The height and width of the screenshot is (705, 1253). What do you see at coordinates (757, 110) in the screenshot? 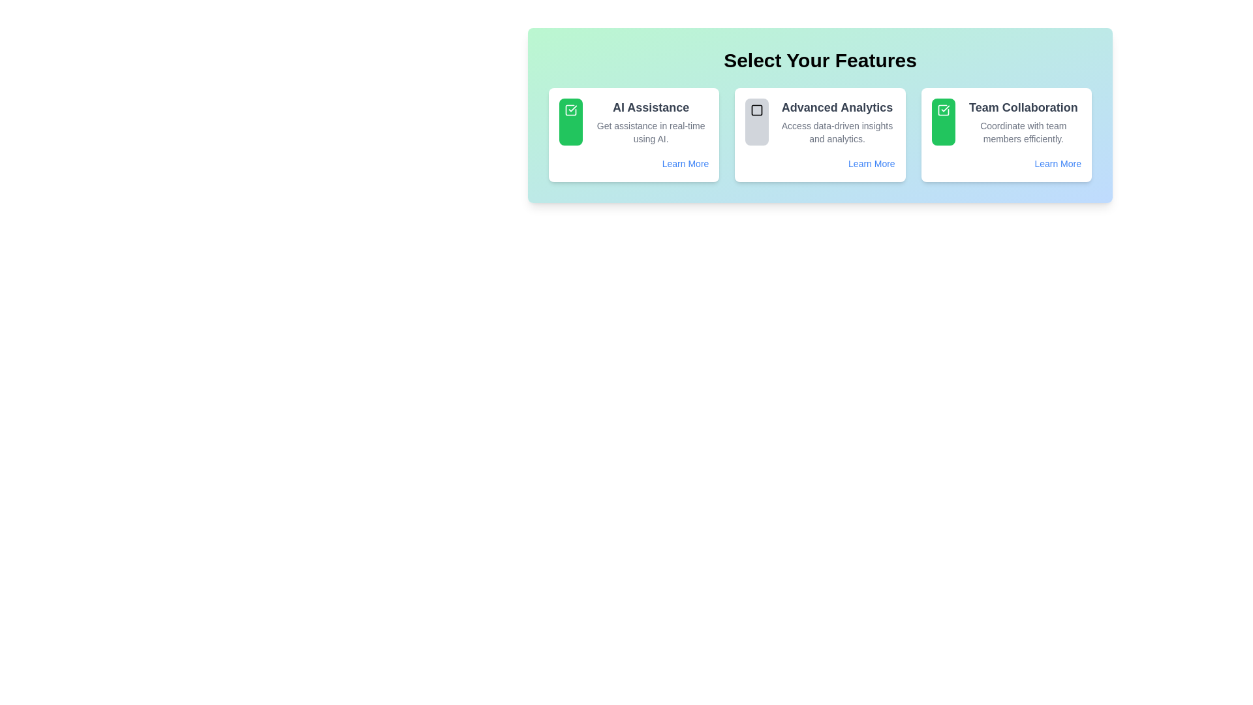
I see `the minimalistic square icon outlined in black, located at the center of the 'Advanced Analytics' card, which has a light gray background and is positioned between 'AI Assistance' and 'Team Collaboration'` at bounding box center [757, 110].